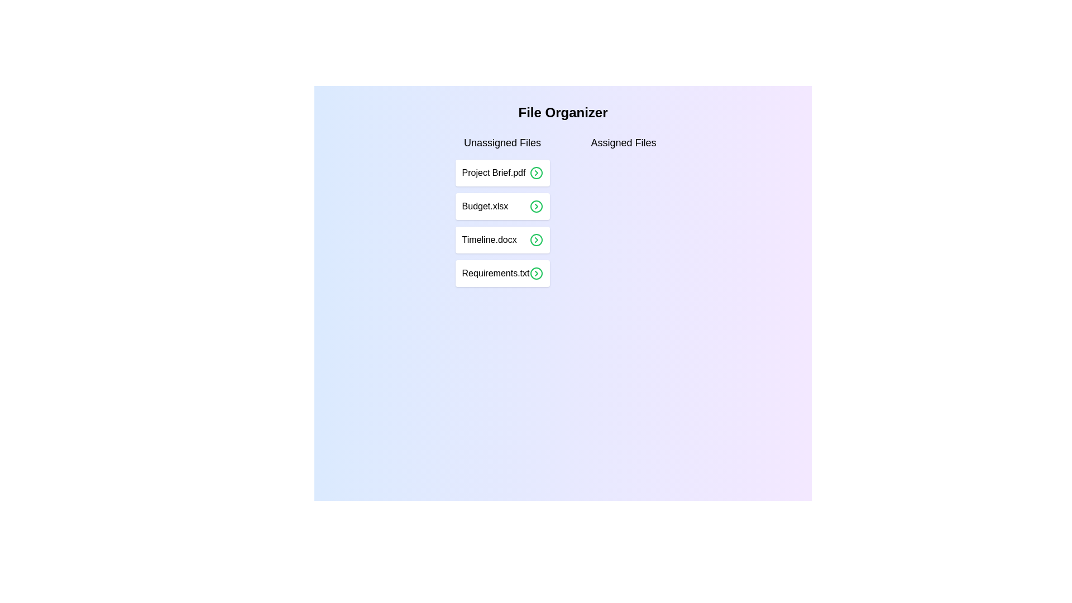  What do you see at coordinates (502, 173) in the screenshot?
I see `the name of a file in the 'Unassigned Files' list by selecting the file Project Brief.pdf` at bounding box center [502, 173].